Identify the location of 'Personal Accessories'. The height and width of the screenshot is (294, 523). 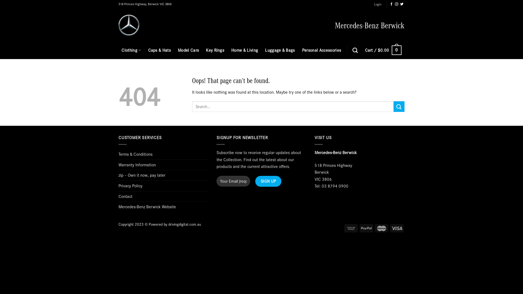
(321, 50).